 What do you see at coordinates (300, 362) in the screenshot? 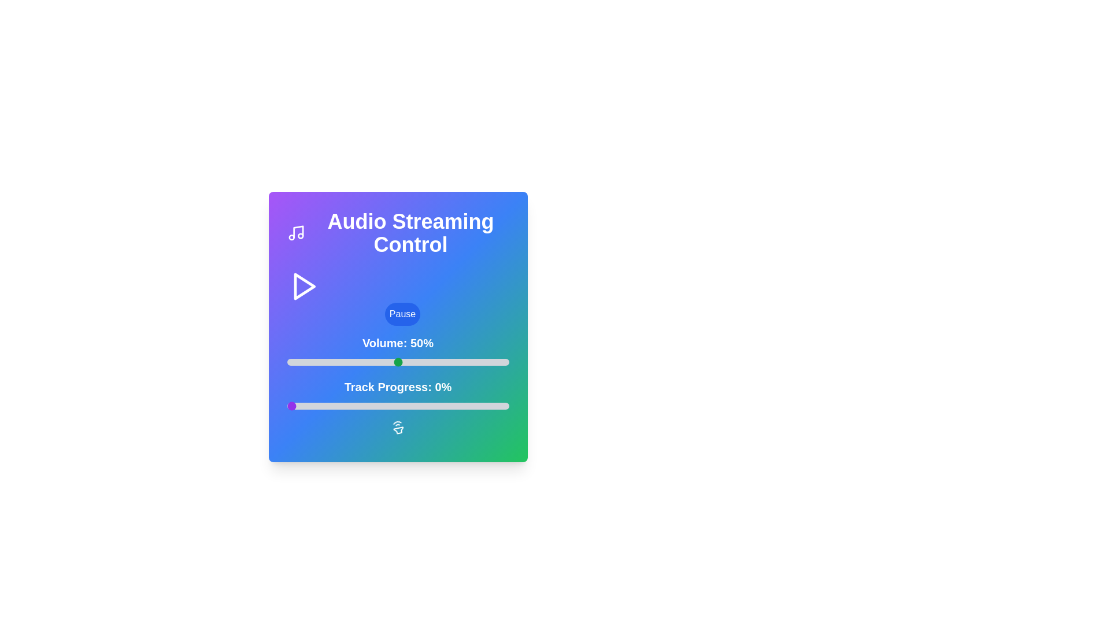
I see `the volume slider to 6%` at bounding box center [300, 362].